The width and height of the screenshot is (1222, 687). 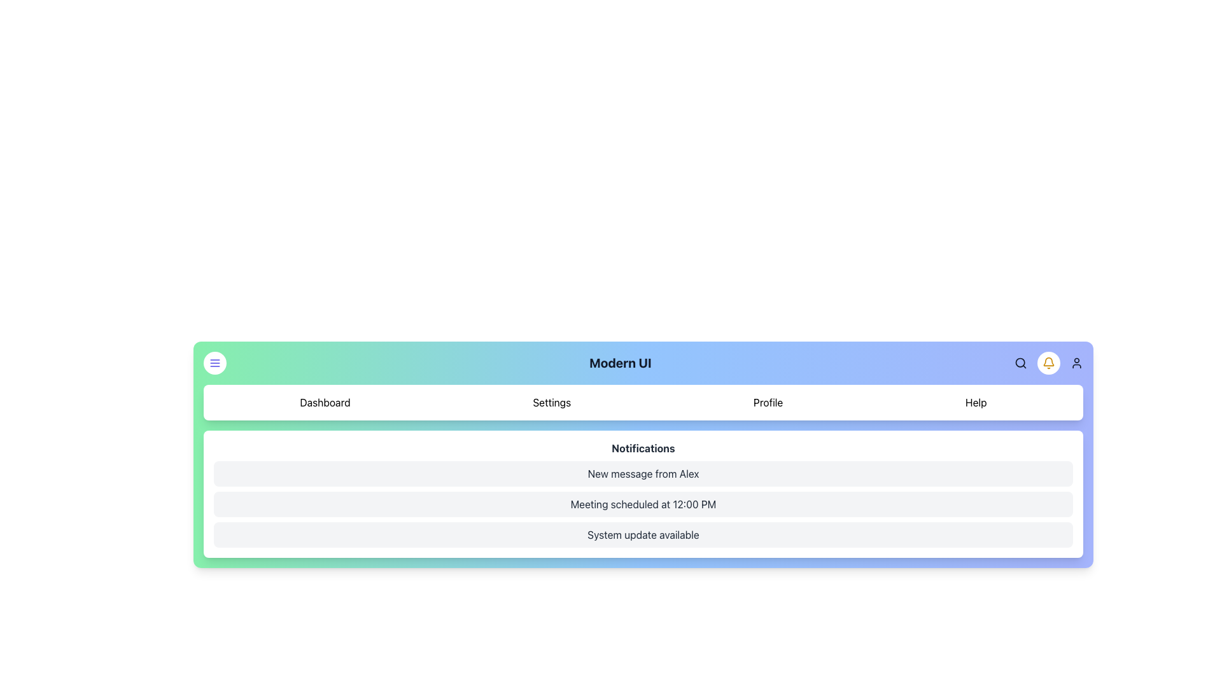 What do you see at coordinates (214, 363) in the screenshot?
I see `the circular button with a white background and blue stacked lines located on the left side of the top bar` at bounding box center [214, 363].